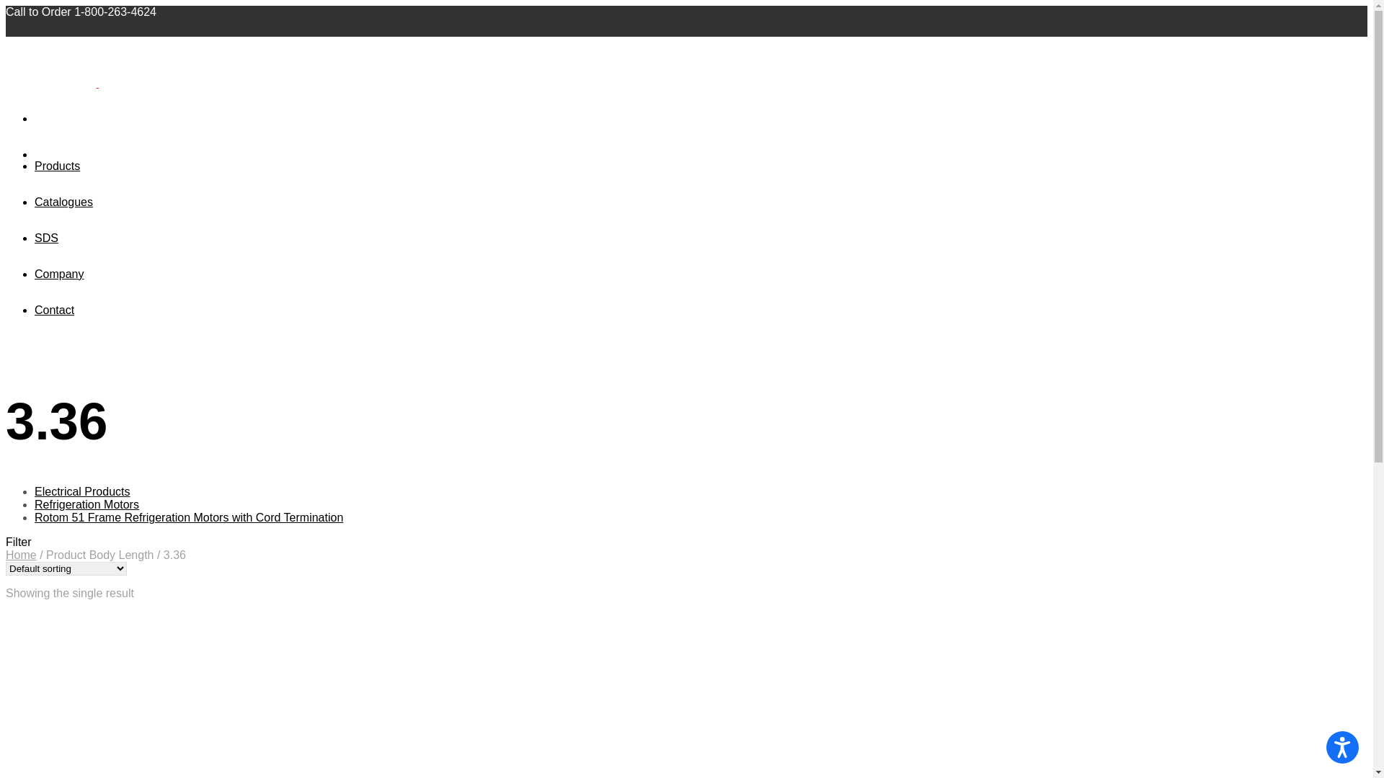 The width and height of the screenshot is (1384, 778). Describe the element at coordinates (86, 504) in the screenshot. I see `'Refrigeration Motors'` at that location.